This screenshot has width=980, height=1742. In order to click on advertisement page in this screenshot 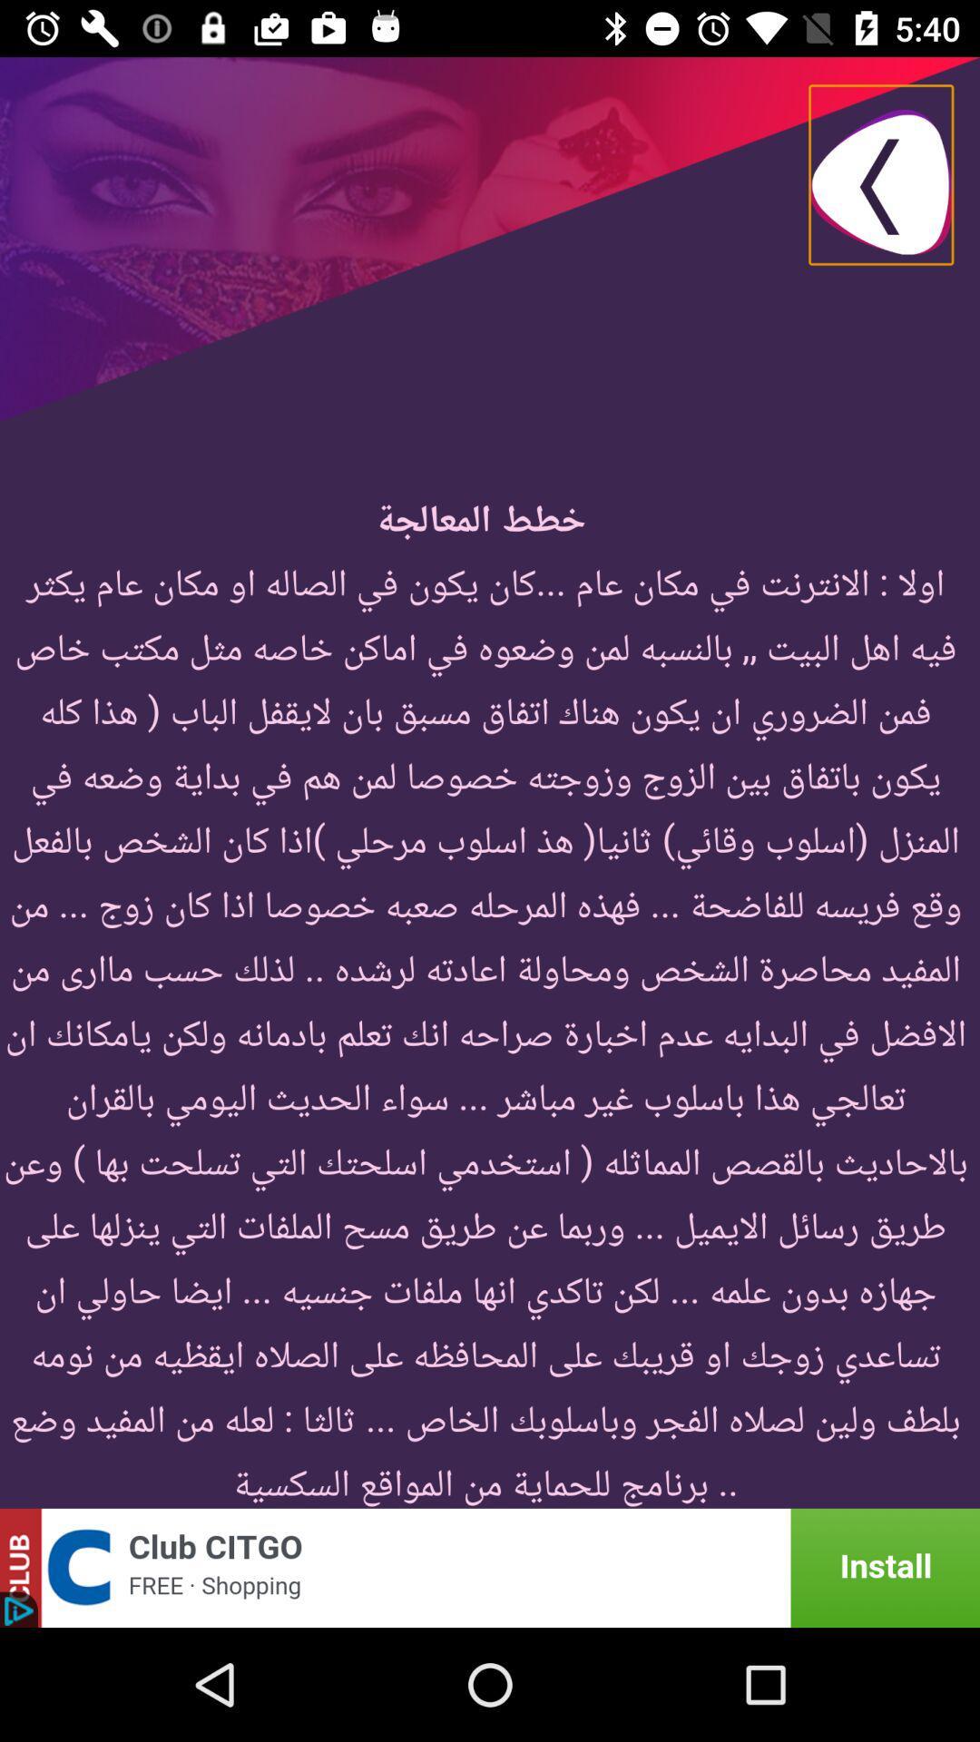, I will do `click(490, 1567)`.